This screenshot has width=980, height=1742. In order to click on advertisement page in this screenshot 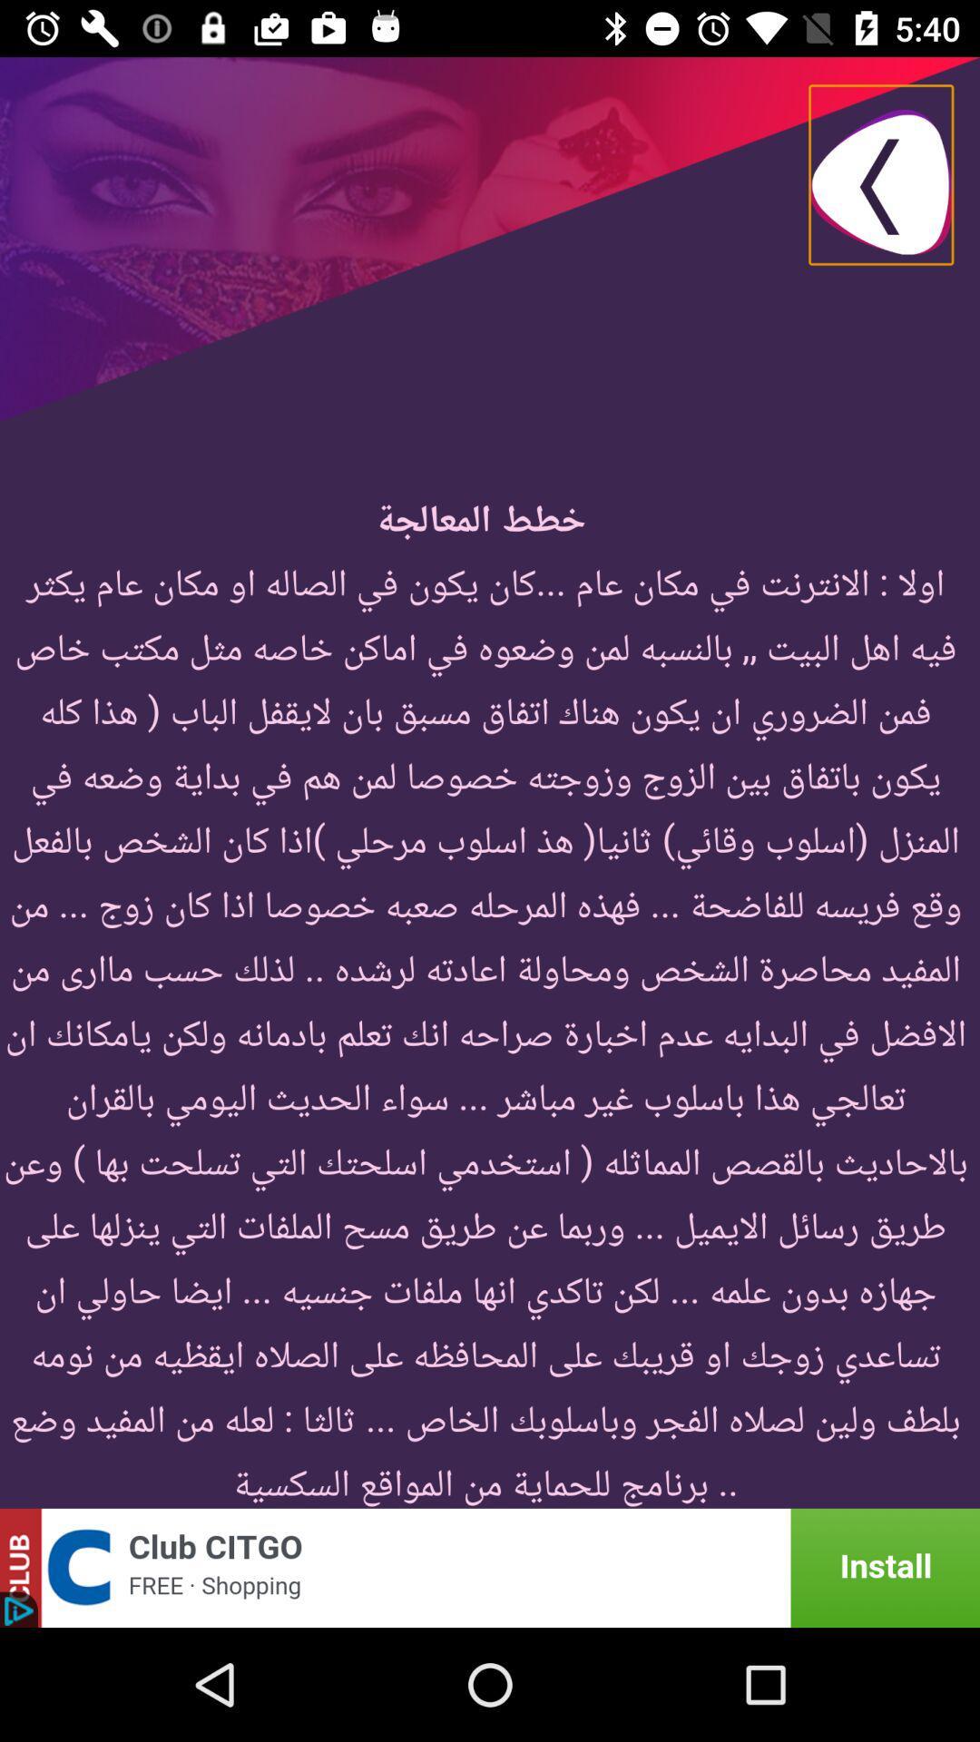, I will do `click(490, 1567)`.